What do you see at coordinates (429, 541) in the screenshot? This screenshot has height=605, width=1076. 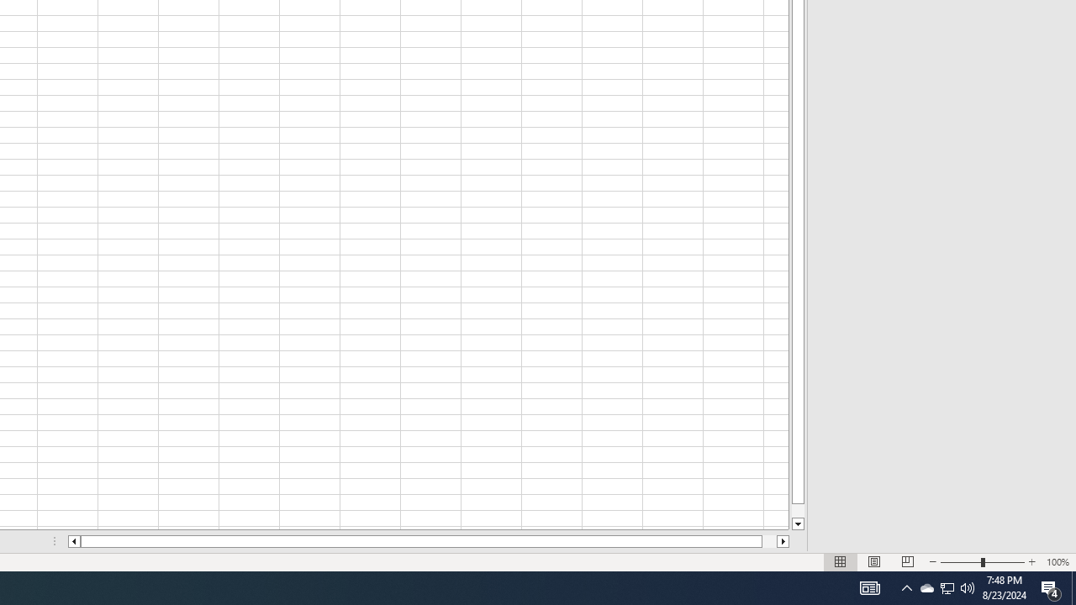 I see `'Class: NetUIScrollBar'` at bounding box center [429, 541].